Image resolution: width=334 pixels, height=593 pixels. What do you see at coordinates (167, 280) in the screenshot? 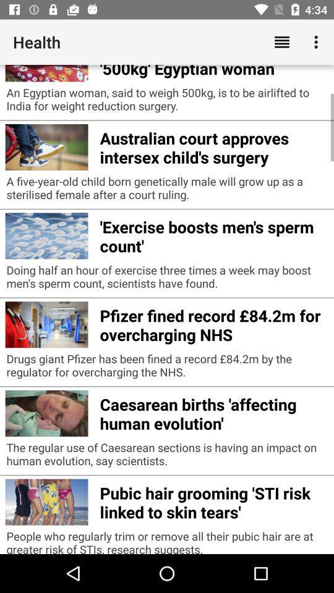
I see `the doing half an item` at bounding box center [167, 280].